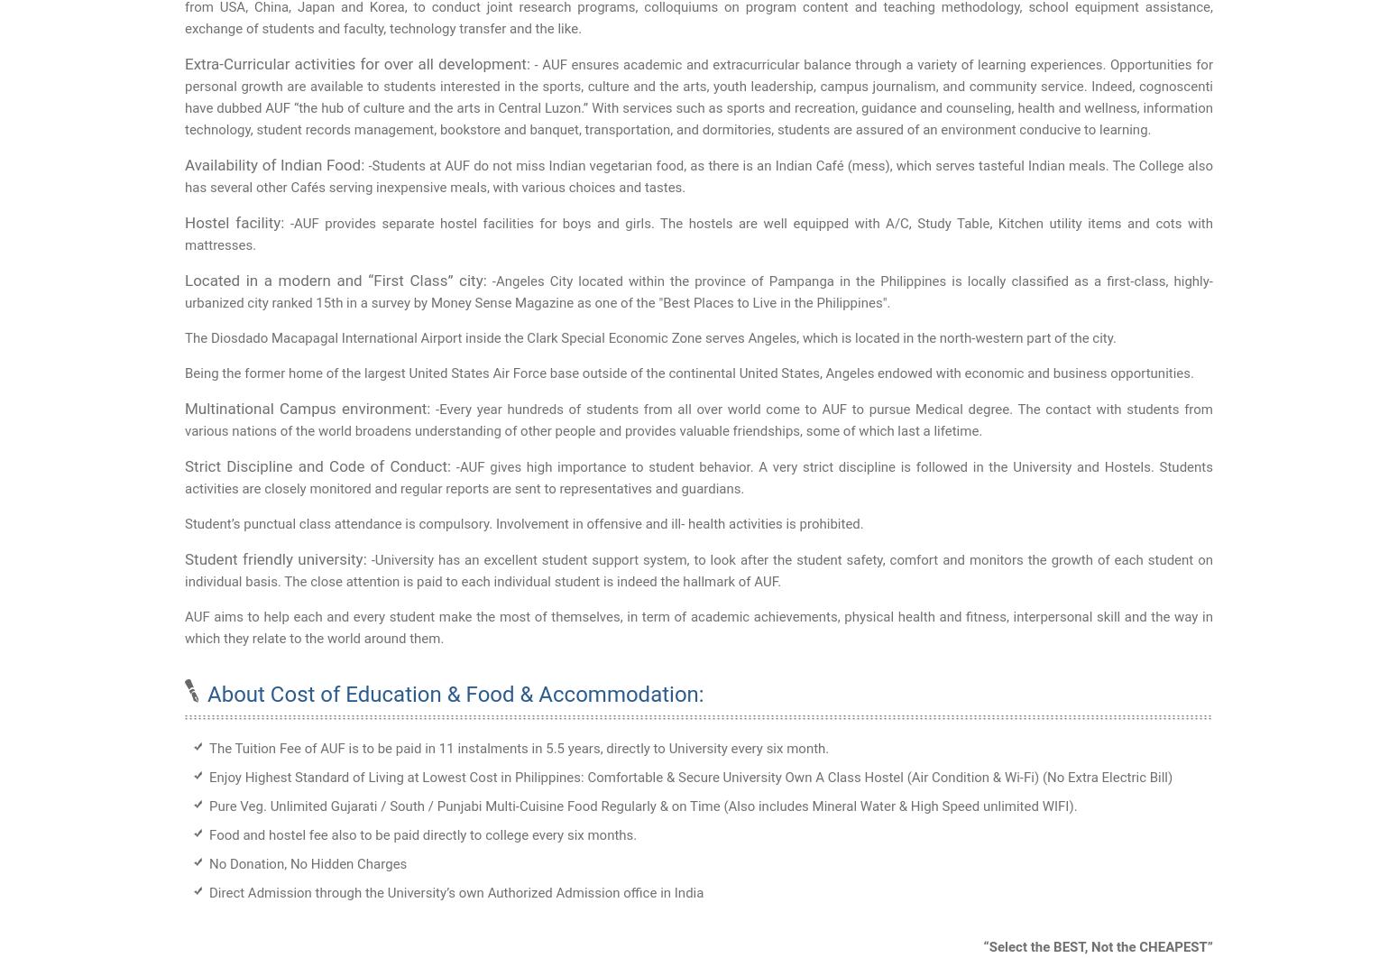 This screenshot has height=958, width=1398. Describe the element at coordinates (184, 234) in the screenshot. I see `'-AUF provides separate hostel facilities for boys and girls. The hostels are well equipped with A/C, Study Table, Kitchen utility items and cots with mattresses.'` at that location.